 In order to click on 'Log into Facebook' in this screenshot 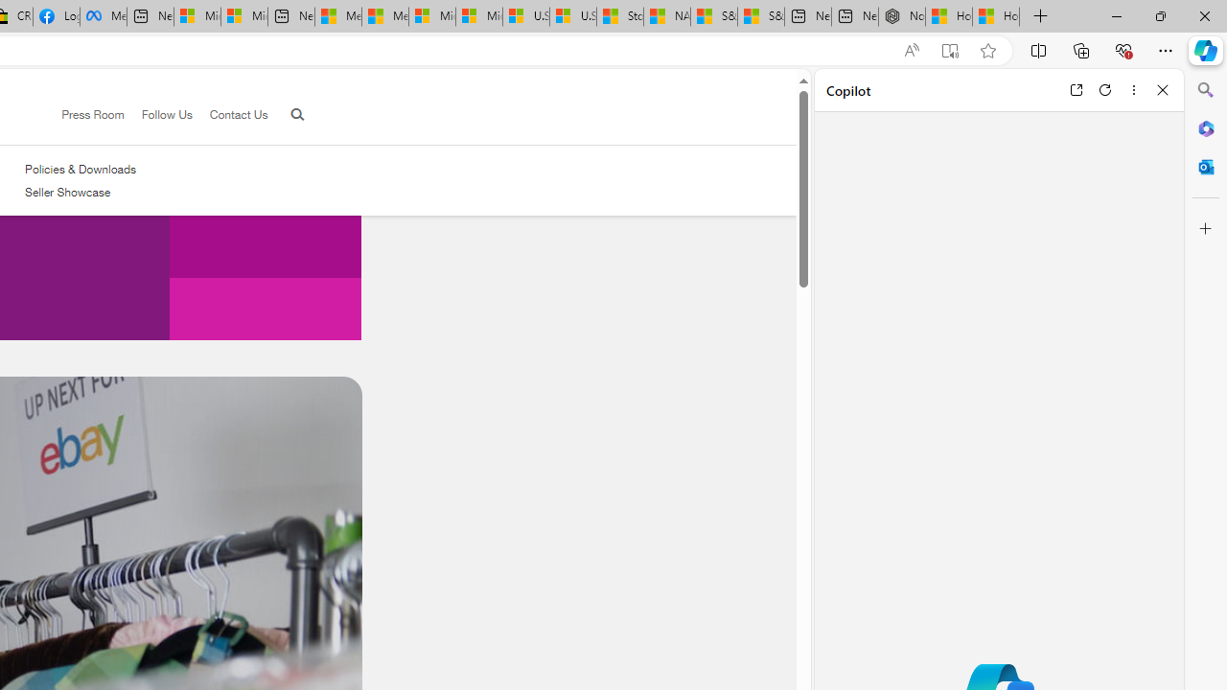, I will do `click(56, 16)`.